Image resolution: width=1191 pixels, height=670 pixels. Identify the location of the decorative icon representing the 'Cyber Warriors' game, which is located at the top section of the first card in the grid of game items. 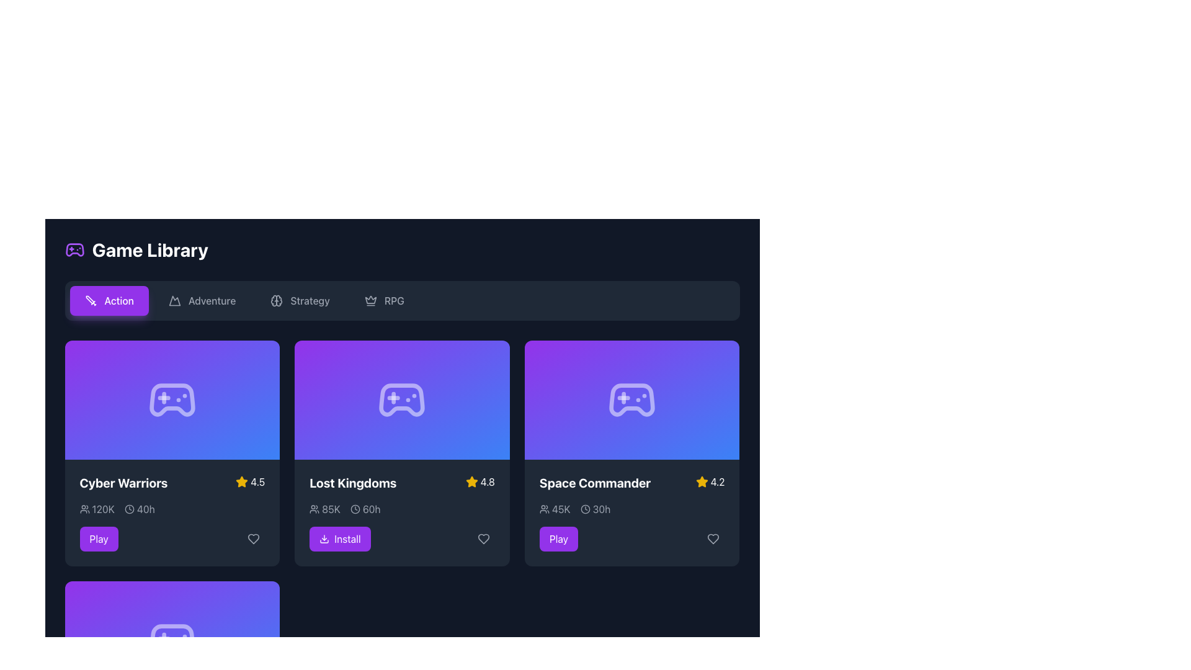
(171, 400).